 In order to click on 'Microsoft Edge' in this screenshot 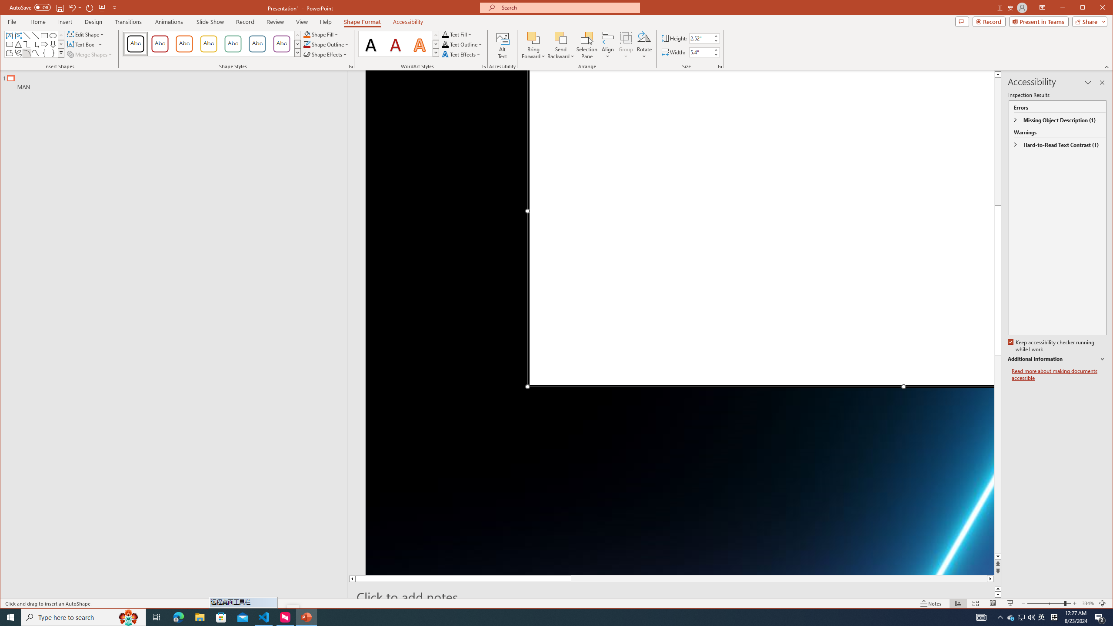, I will do `click(178, 616)`.